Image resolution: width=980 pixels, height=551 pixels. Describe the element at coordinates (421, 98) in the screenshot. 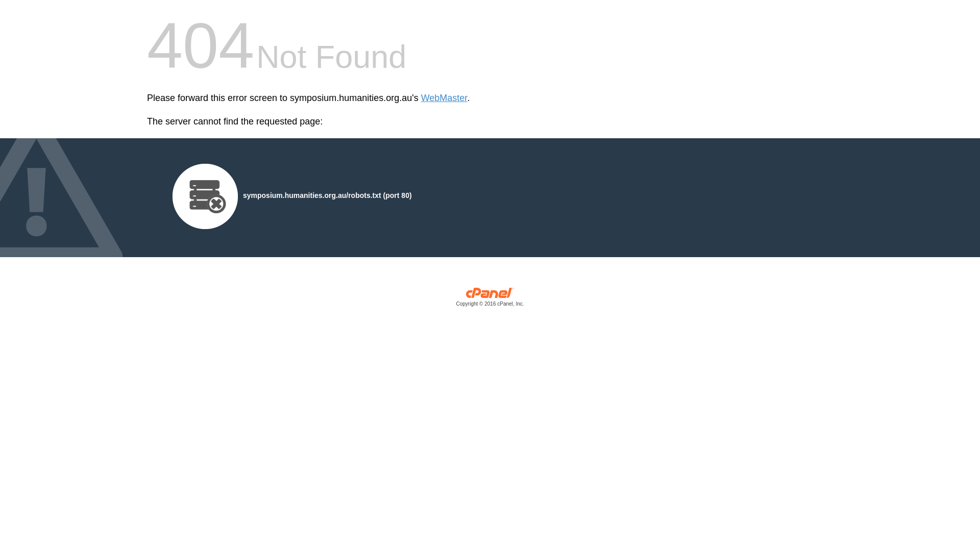

I see `'WebMaster'` at that location.